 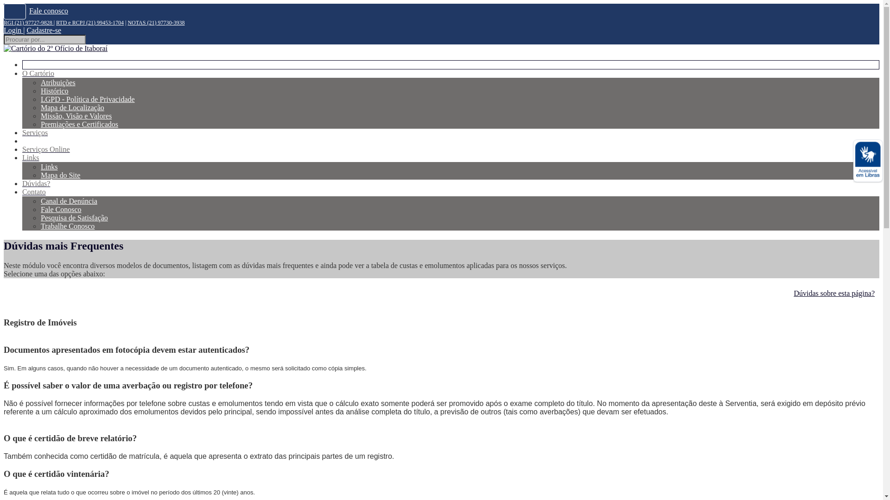 I want to click on 'Fale Conosco', so click(x=40, y=209).